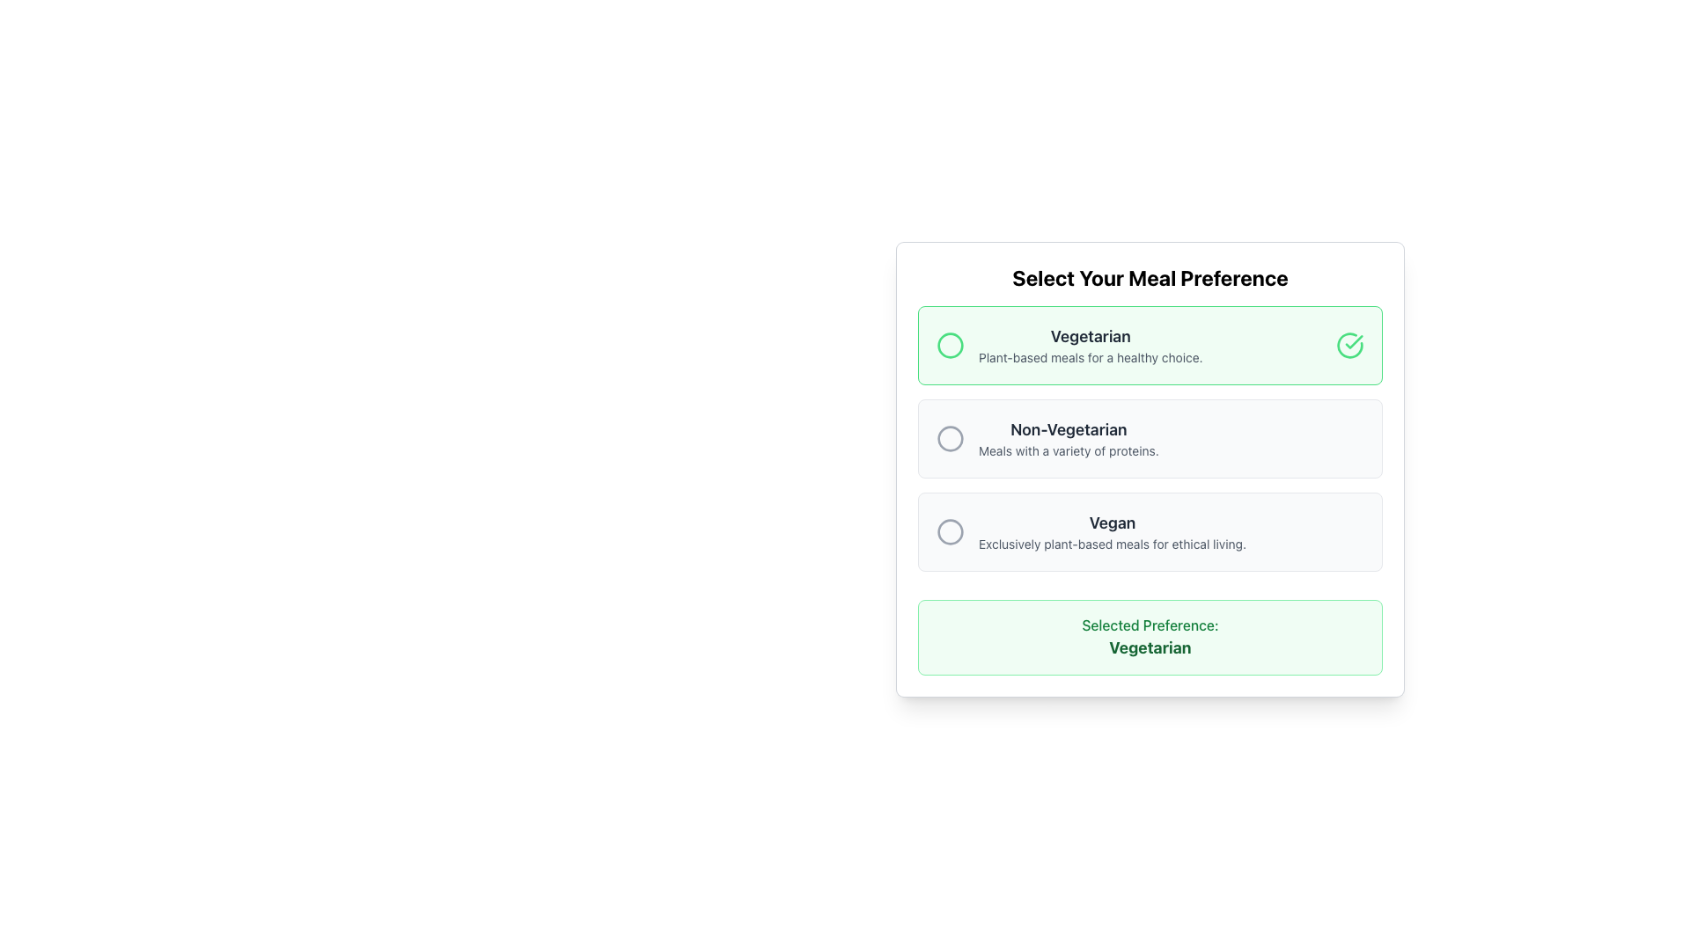  I want to click on the 'Vegetarian' text label, which is styled with a bold green font and located in the 'Selected Preference' section of the interface, so click(1150, 647).